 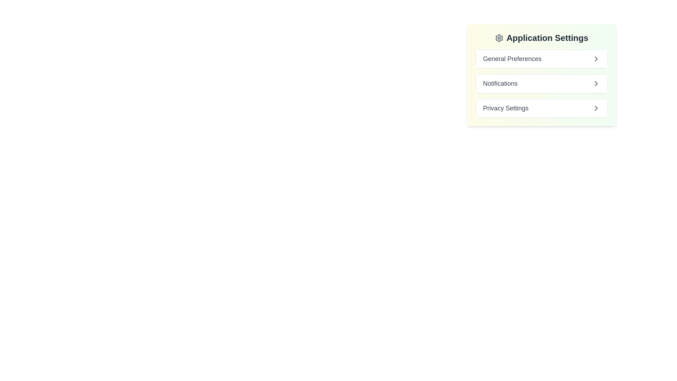 What do you see at coordinates (512, 58) in the screenshot?
I see `the 'General Preferences' text label in the 'Application Settings' panel, which indicates navigation to the General Preferences settings` at bounding box center [512, 58].